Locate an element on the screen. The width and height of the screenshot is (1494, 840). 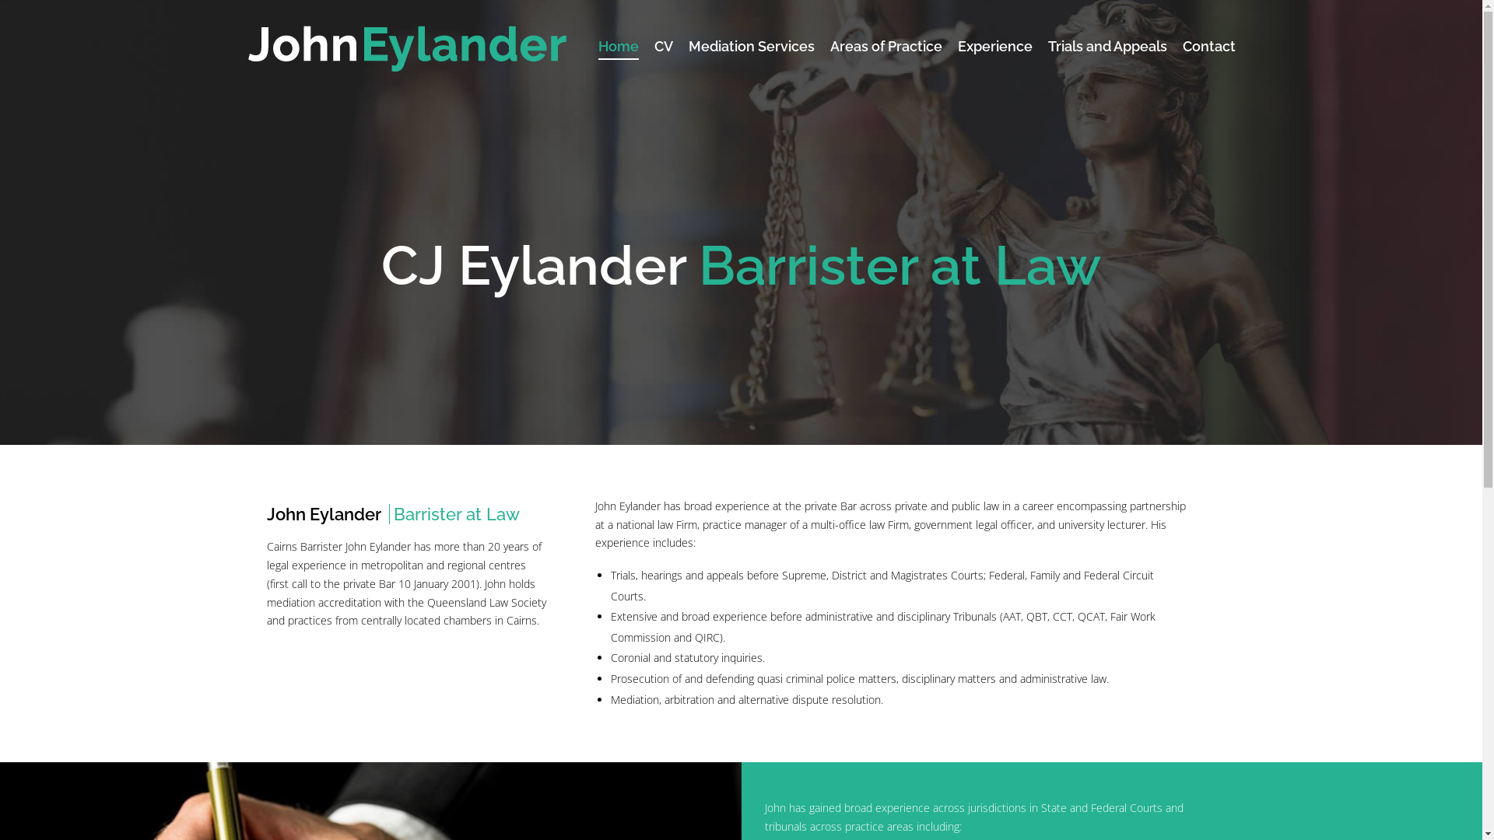
'Home' is located at coordinates (618, 46).